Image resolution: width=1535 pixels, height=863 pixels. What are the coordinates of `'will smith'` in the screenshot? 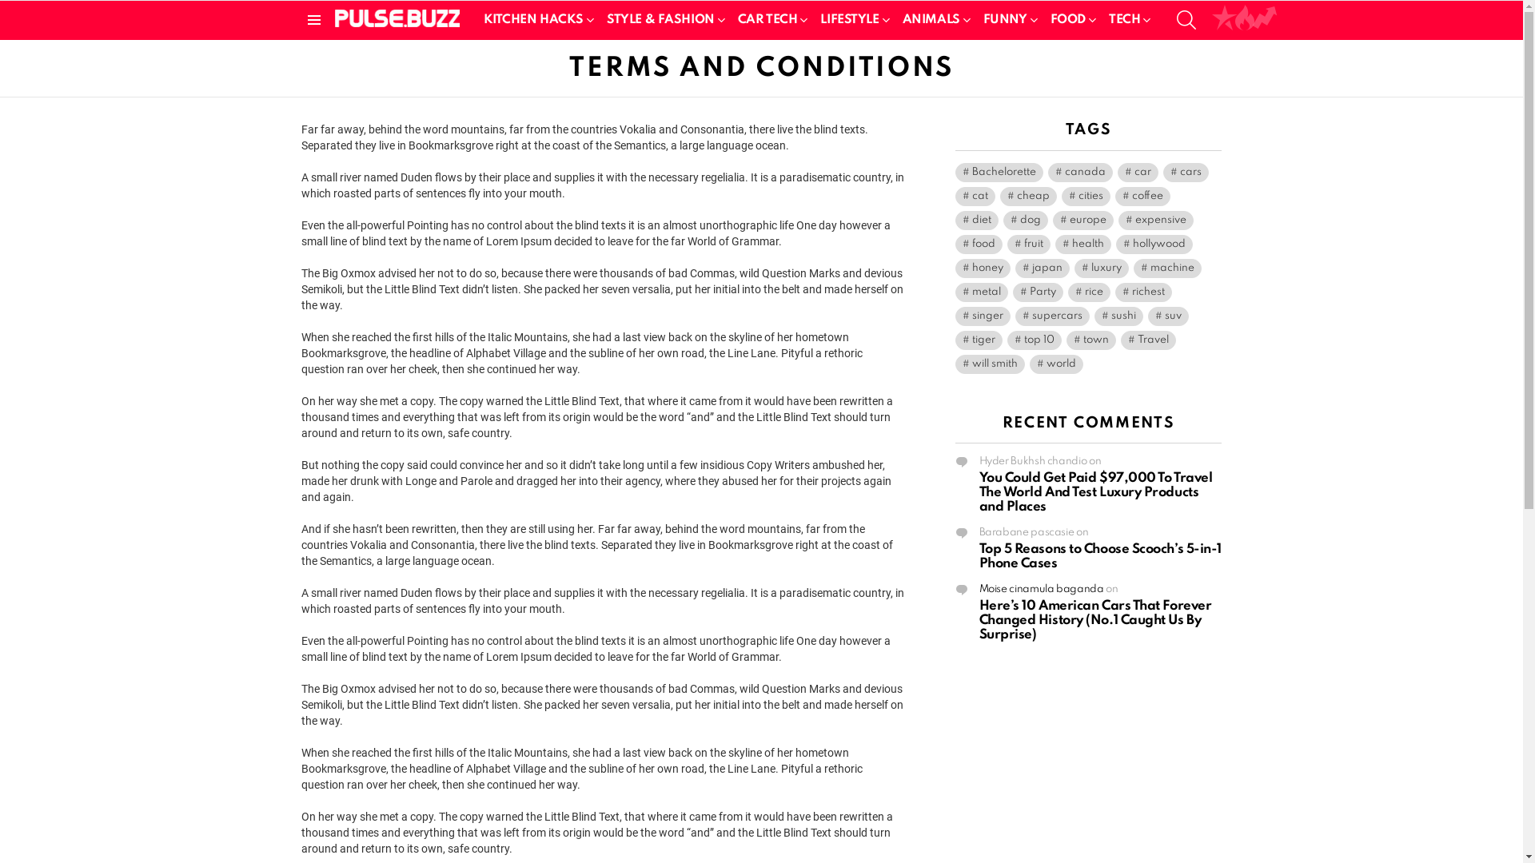 It's located at (988, 364).